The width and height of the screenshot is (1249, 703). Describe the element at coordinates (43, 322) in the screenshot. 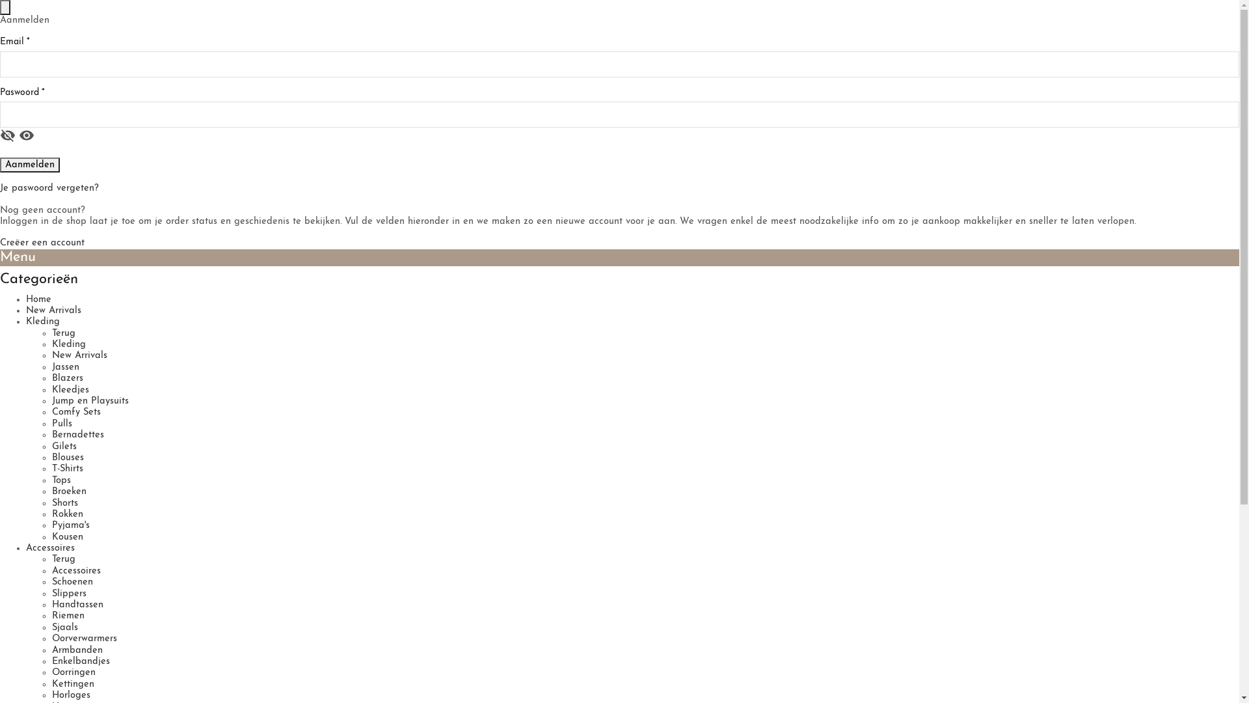

I see `'Kleding'` at that location.